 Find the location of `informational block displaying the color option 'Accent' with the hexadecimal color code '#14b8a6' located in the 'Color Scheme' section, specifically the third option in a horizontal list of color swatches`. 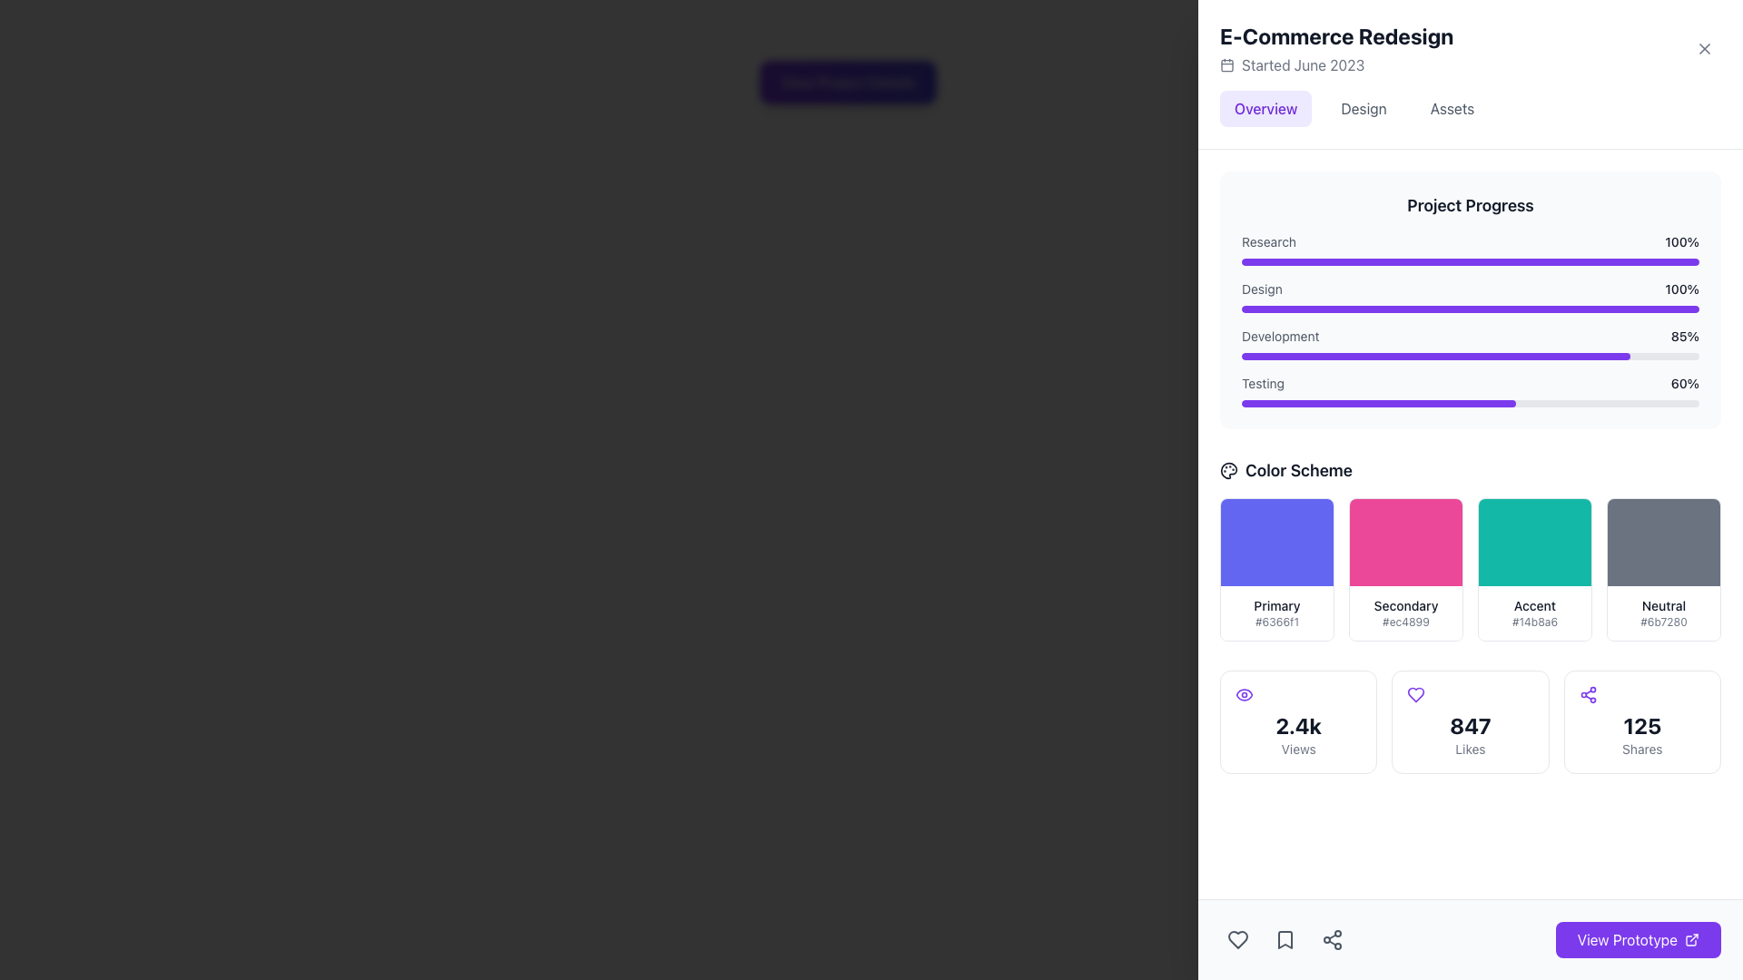

informational block displaying the color option 'Accent' with the hexadecimal color code '#14b8a6' located in the 'Color Scheme' section, specifically the third option in a horizontal list of color swatches is located at coordinates (1533, 612).